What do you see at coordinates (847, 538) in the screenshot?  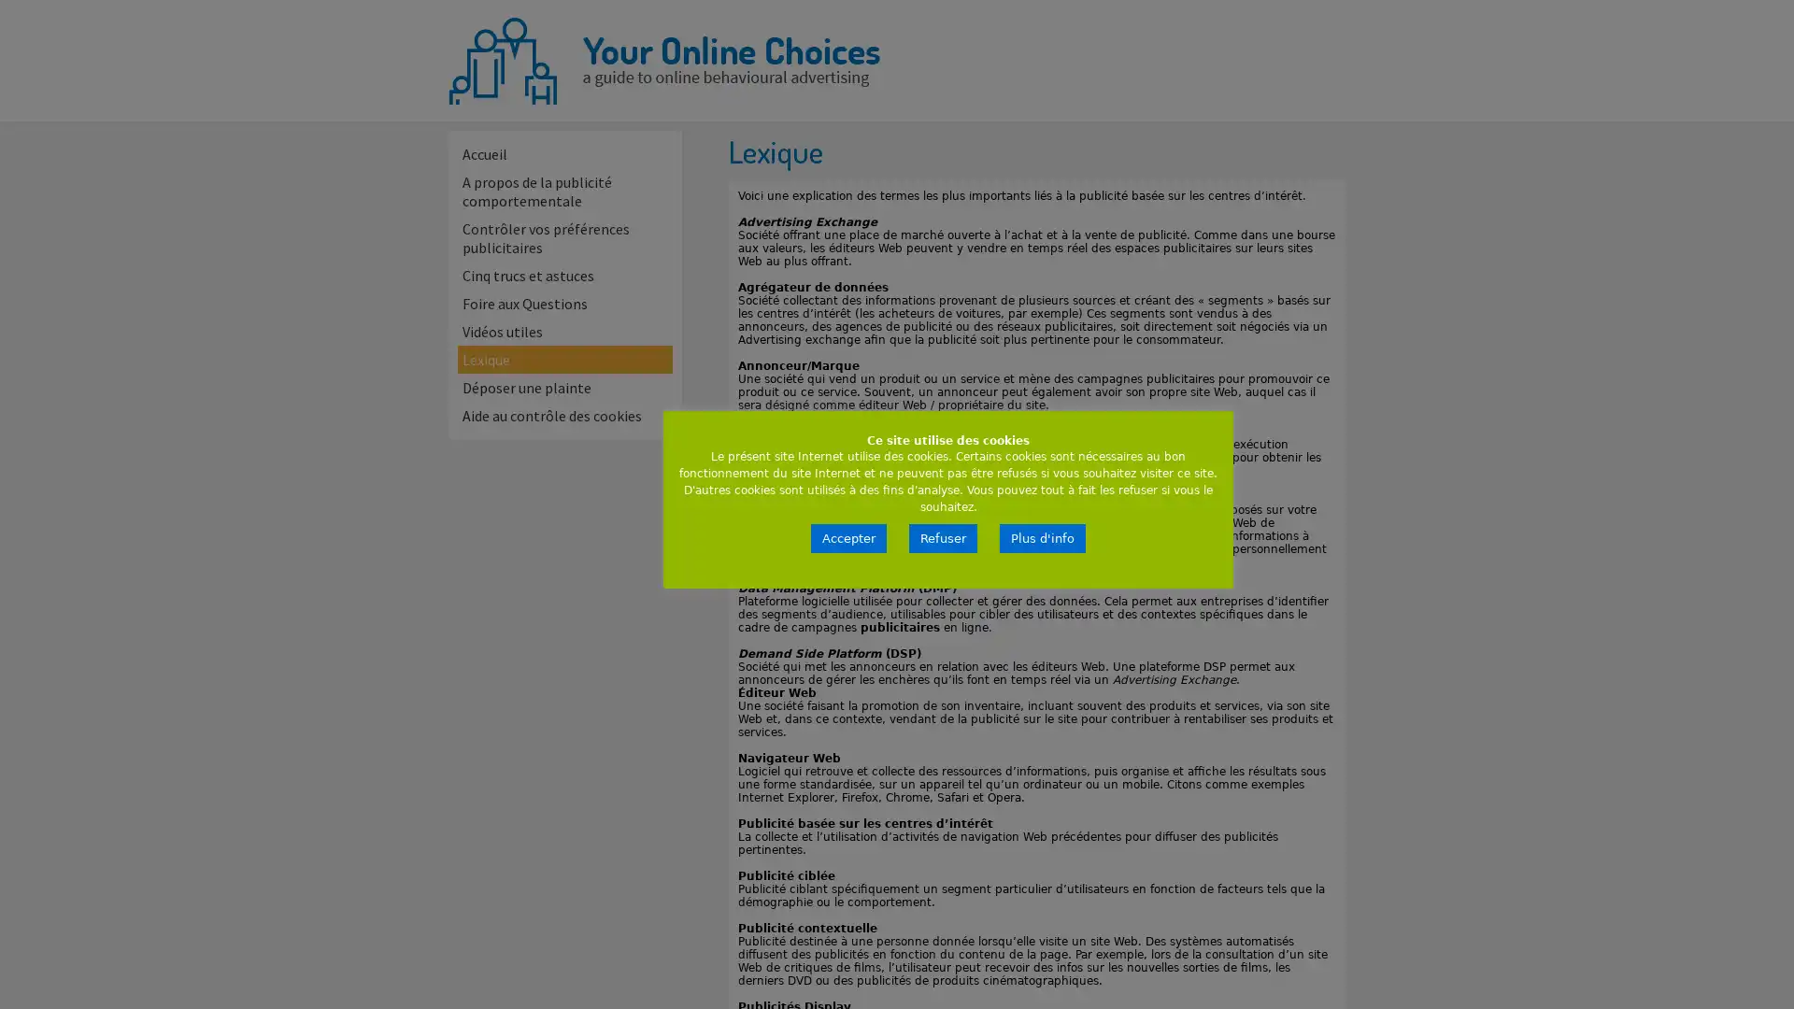 I see `Accepter` at bounding box center [847, 538].